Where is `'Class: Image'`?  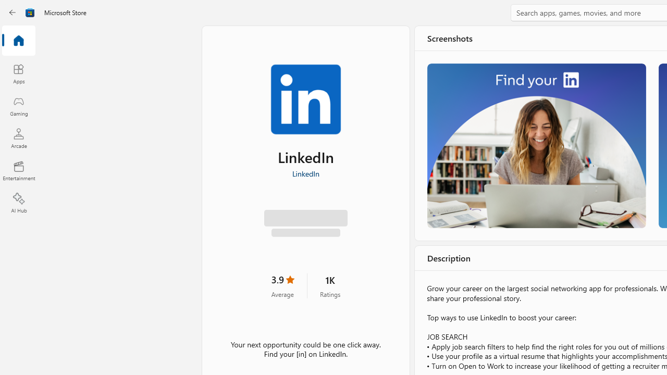 'Class: Image' is located at coordinates (30, 12).